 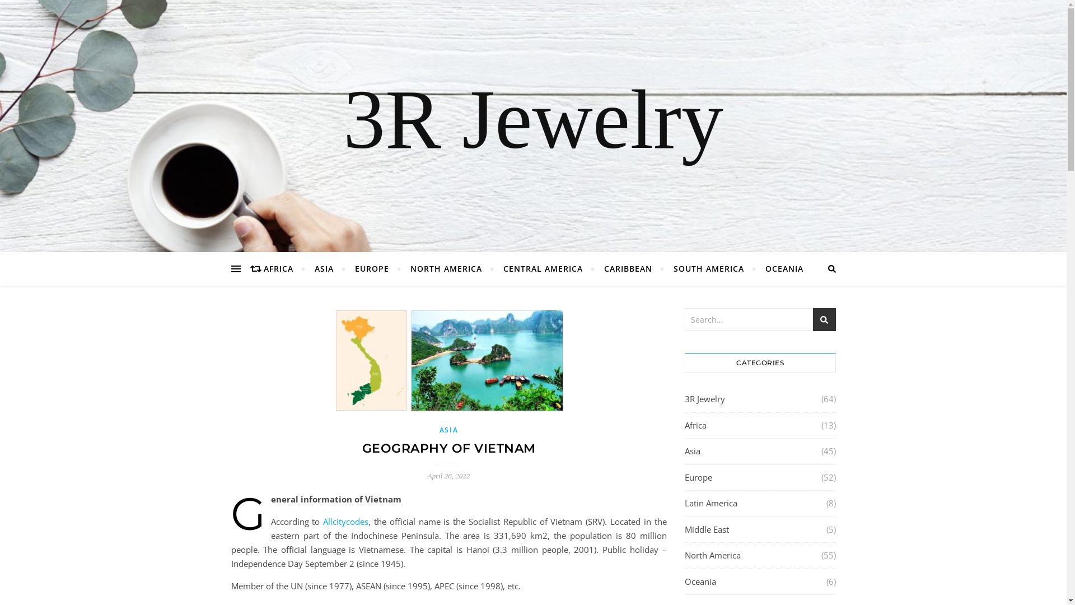 I want to click on 'North America', so click(x=712, y=555).